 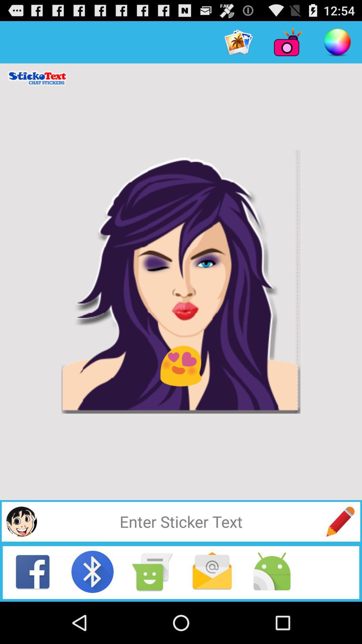 I want to click on a sticker, so click(x=21, y=521).